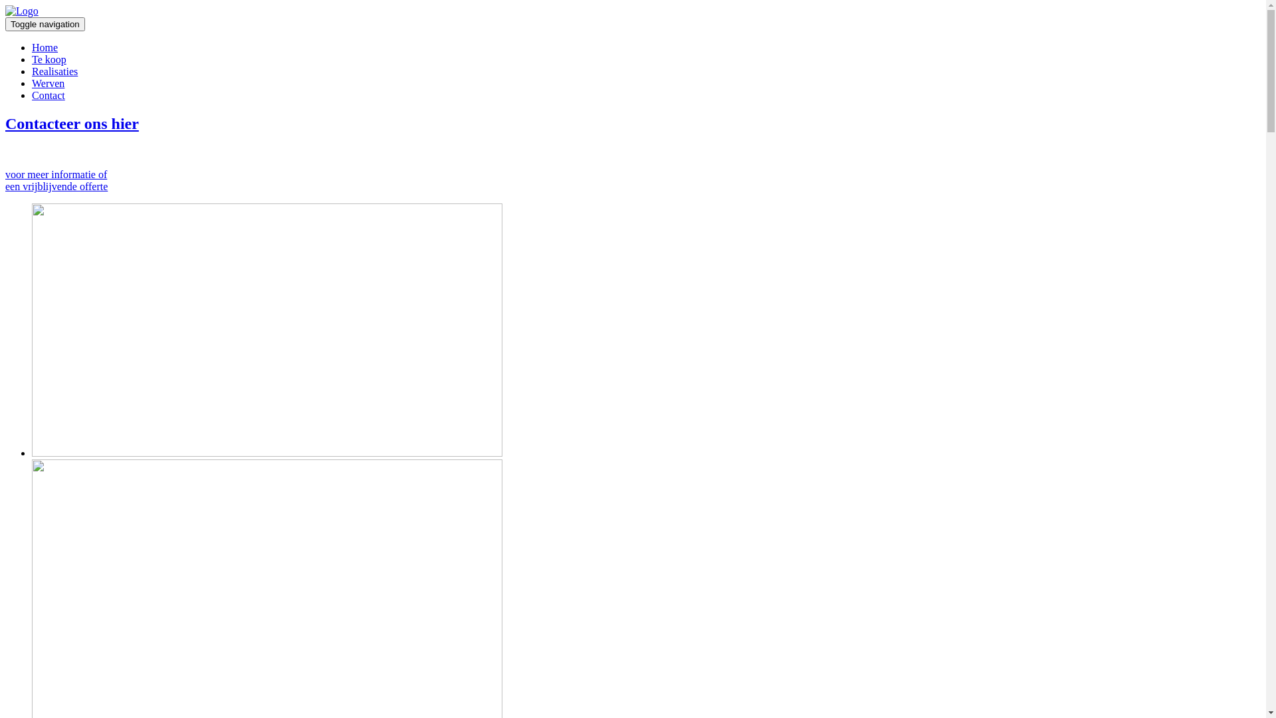  What do you see at coordinates (45, 47) in the screenshot?
I see `'Home'` at bounding box center [45, 47].